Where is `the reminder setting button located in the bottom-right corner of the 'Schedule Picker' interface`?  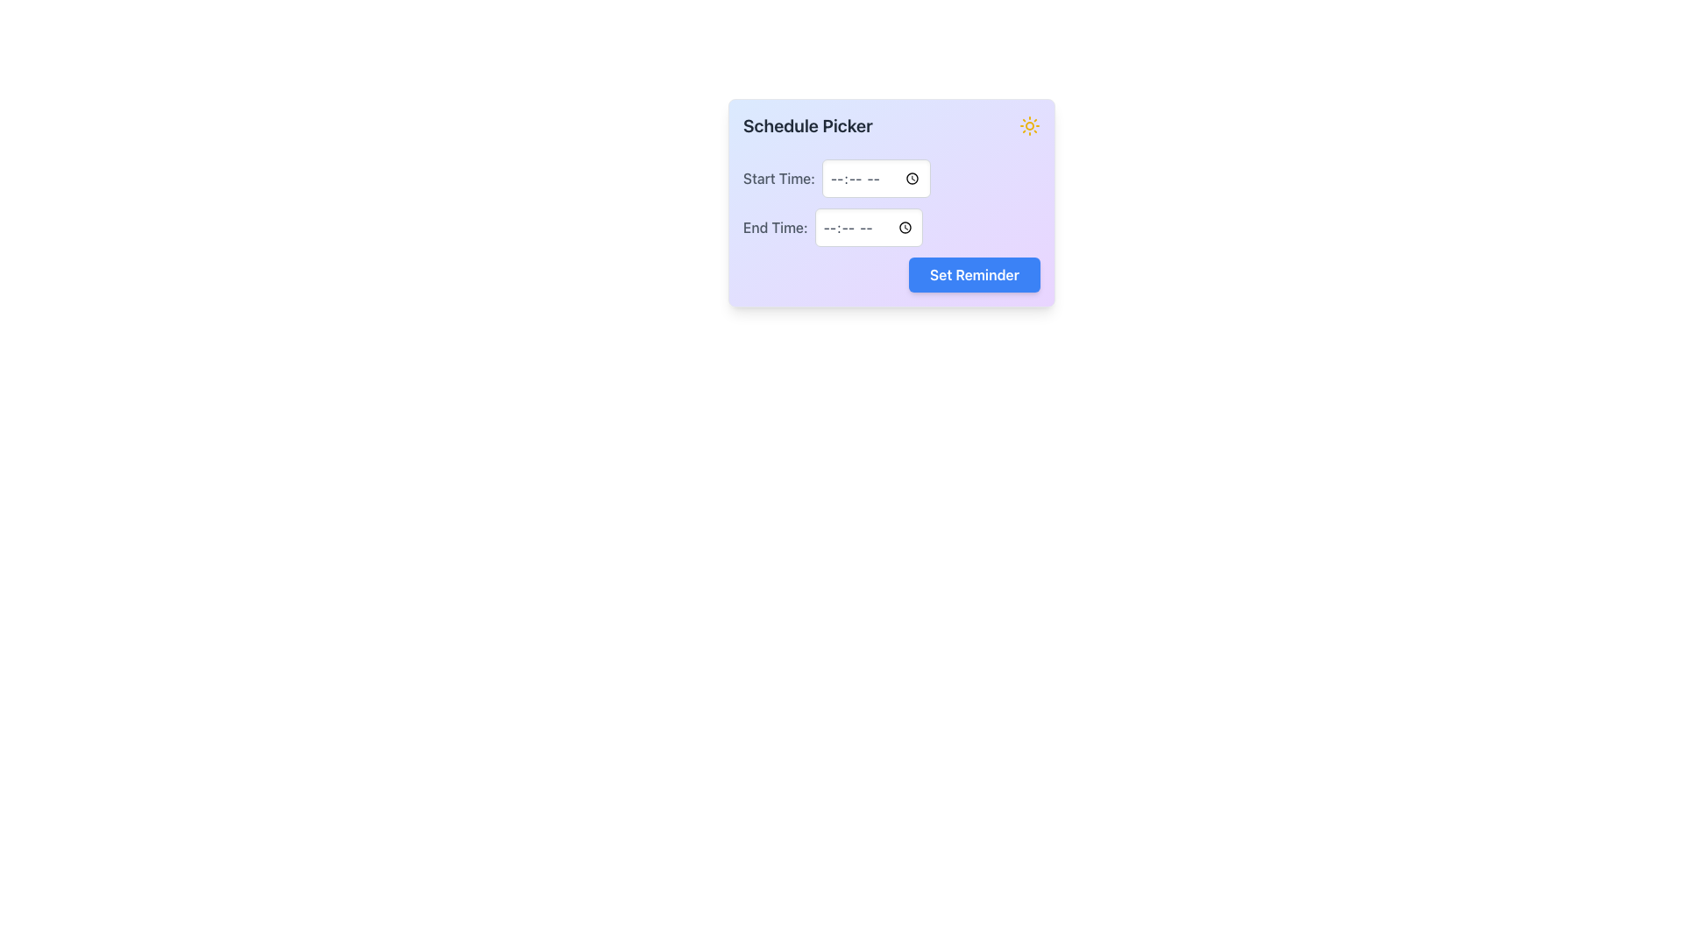
the reminder setting button located in the bottom-right corner of the 'Schedule Picker' interface is located at coordinates (973, 274).